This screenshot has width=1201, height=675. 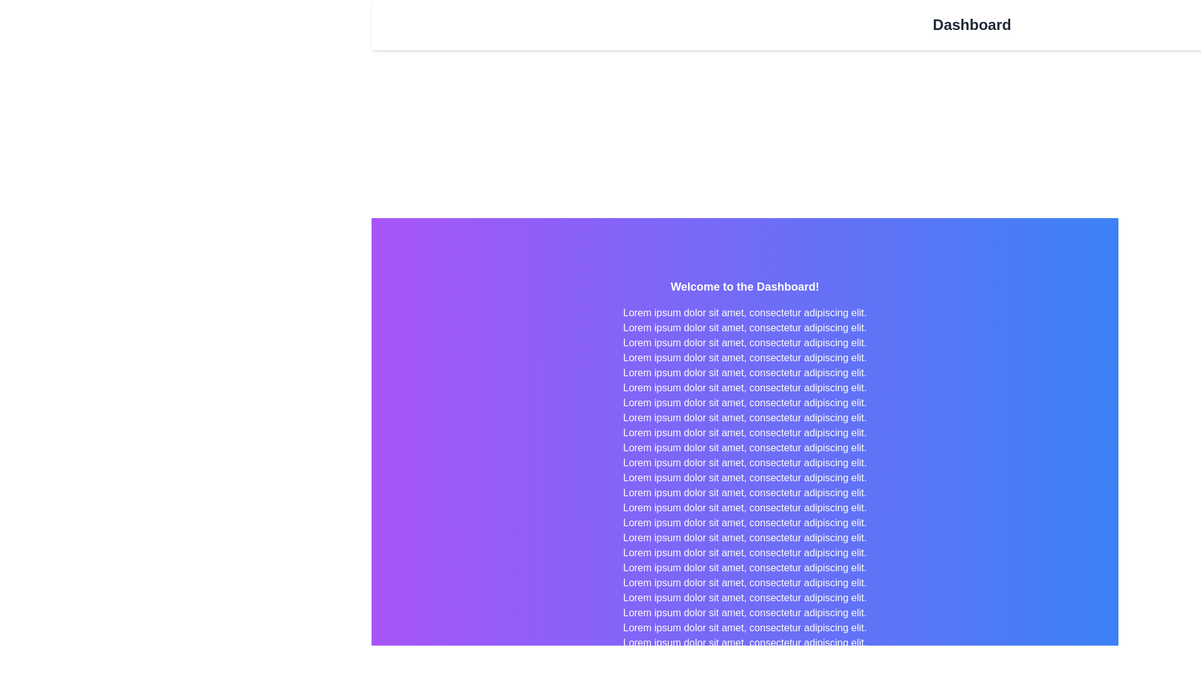 What do you see at coordinates (744, 537) in the screenshot?
I see `the 17th line of static text that is part of a vertical series of identical text blocks under the heading 'Welcome to the Dashboard!'` at bounding box center [744, 537].